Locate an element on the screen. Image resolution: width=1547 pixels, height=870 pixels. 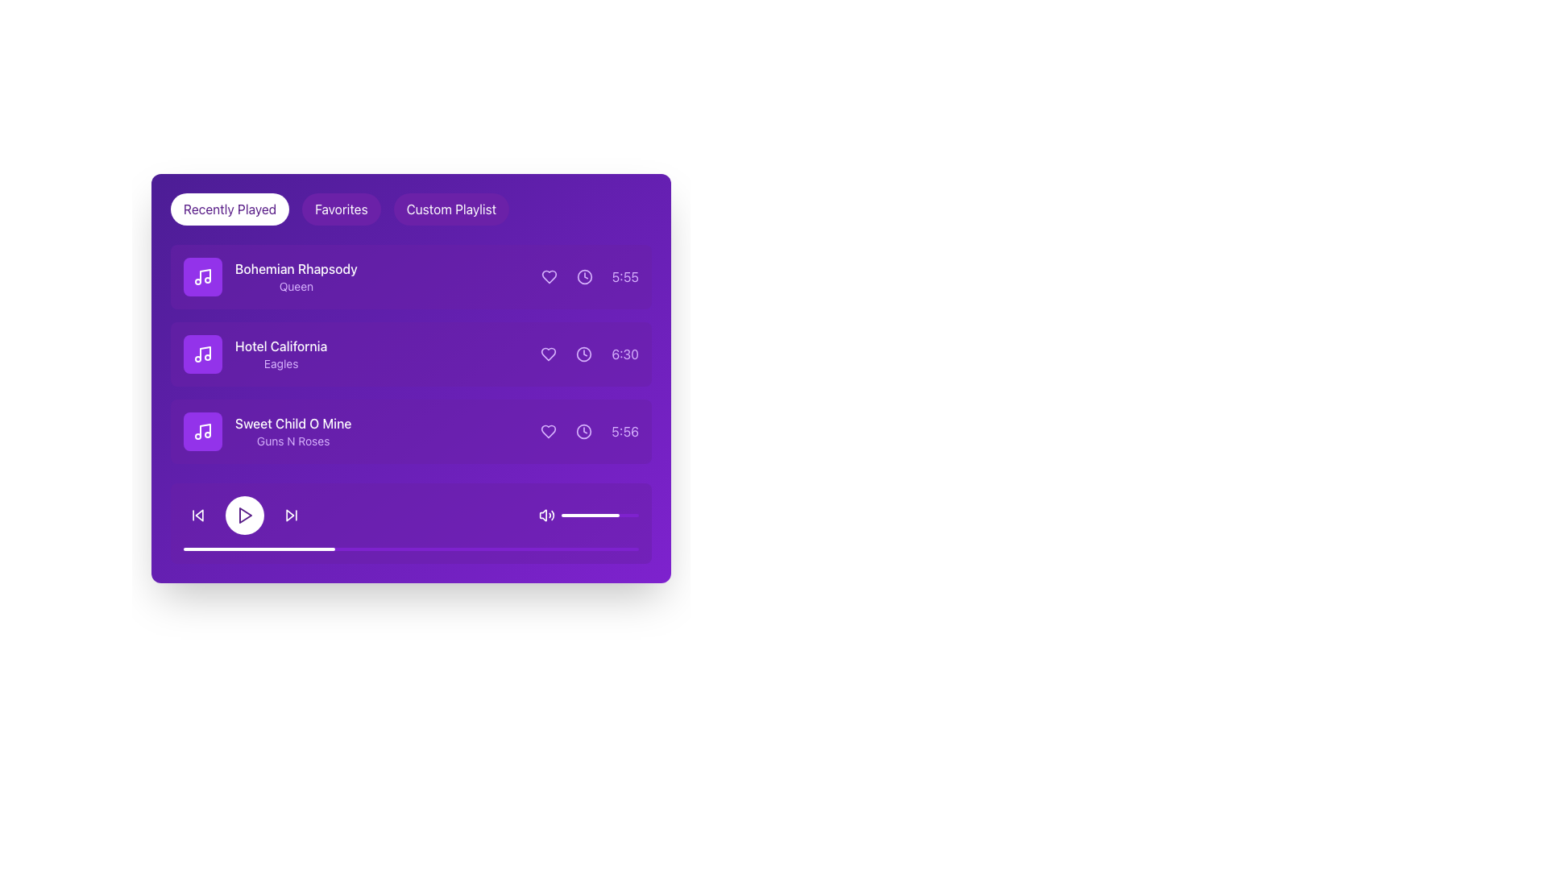
the progress bar is located at coordinates (223, 549).